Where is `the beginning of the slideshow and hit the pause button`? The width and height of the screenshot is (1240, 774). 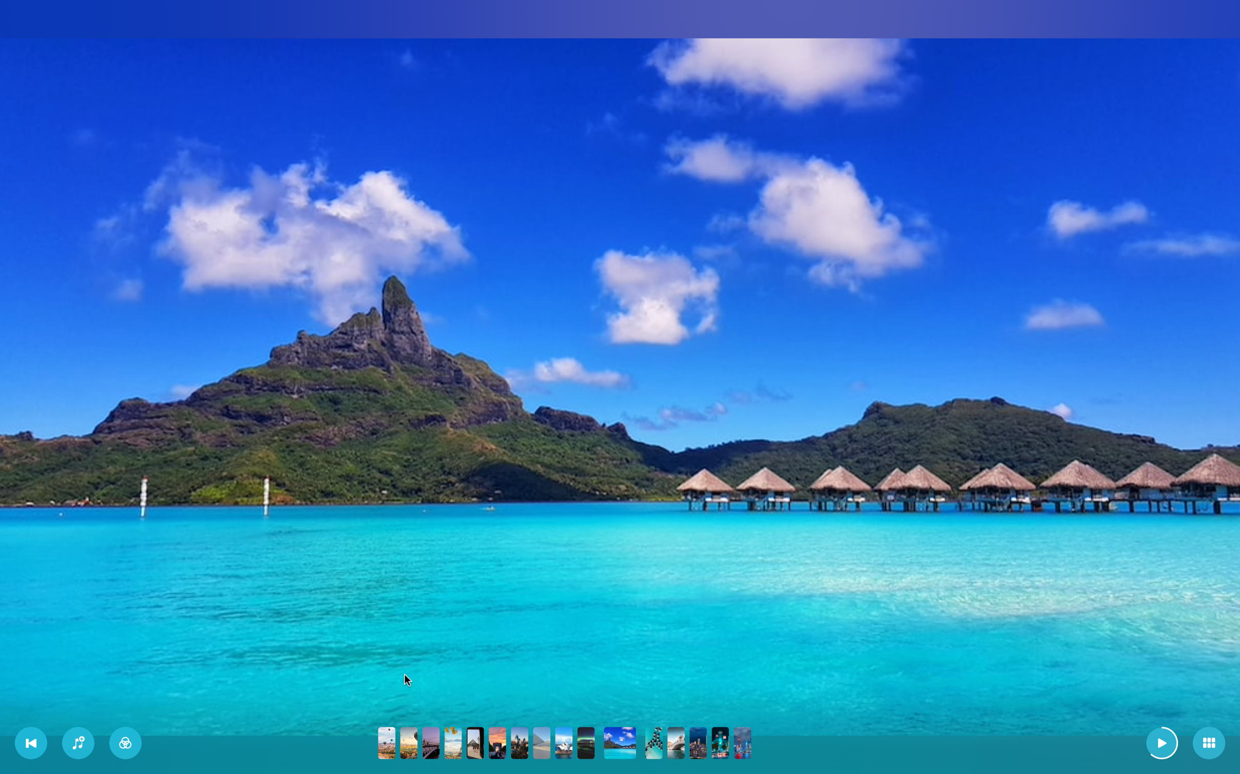
the beginning of the slideshow and hit the pause button is located at coordinates (31, 743).